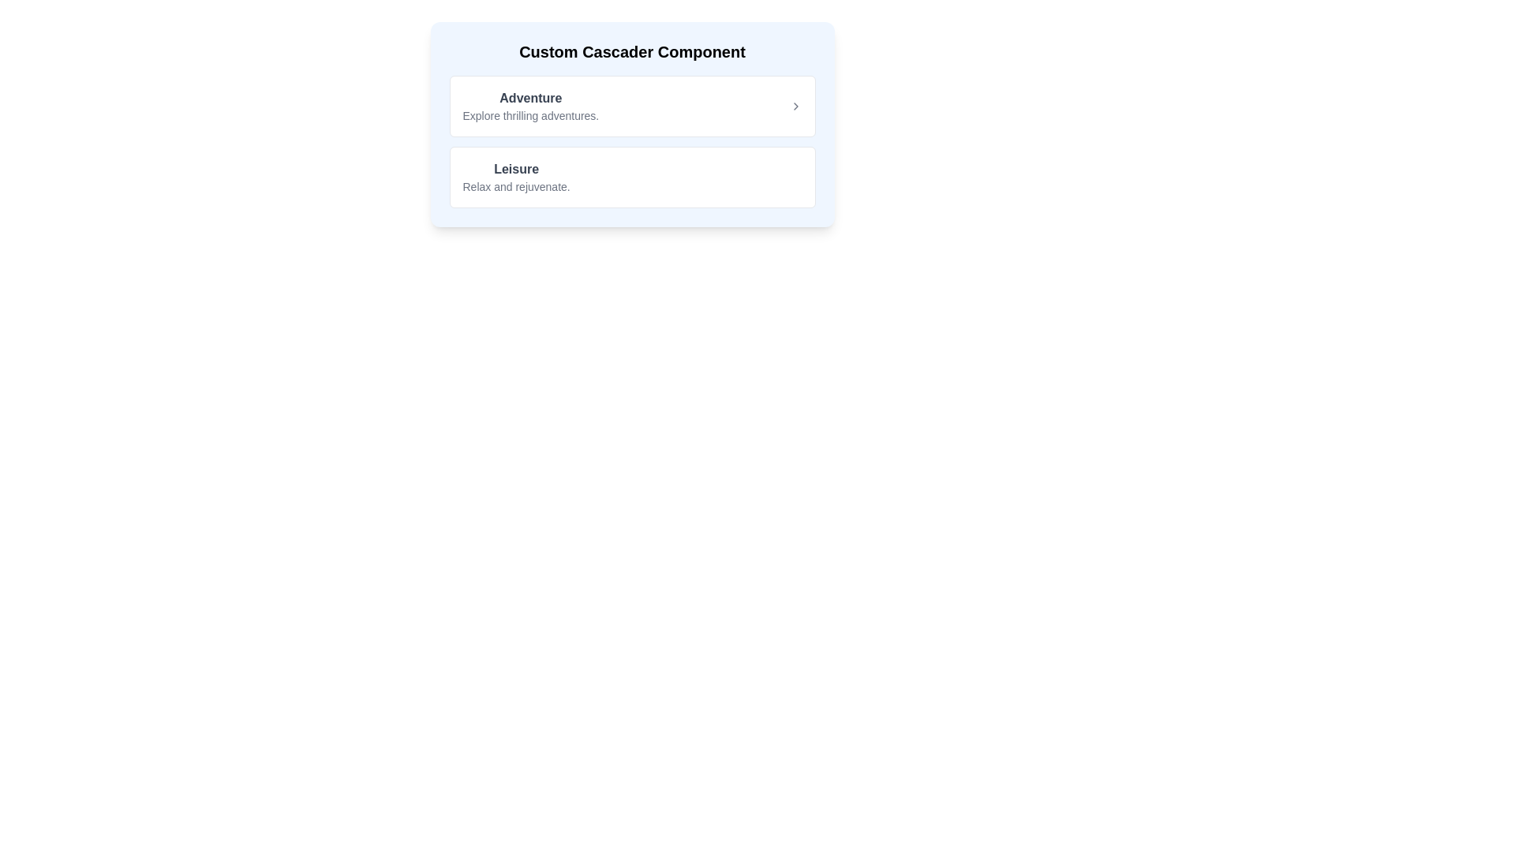  Describe the element at coordinates (516, 170) in the screenshot. I see `the bold dark gray text label reading 'Leisure', which is positioned above the descriptive text 'Relax and rejuvenate.' in the 'Custom Cascader Component' menu` at that location.